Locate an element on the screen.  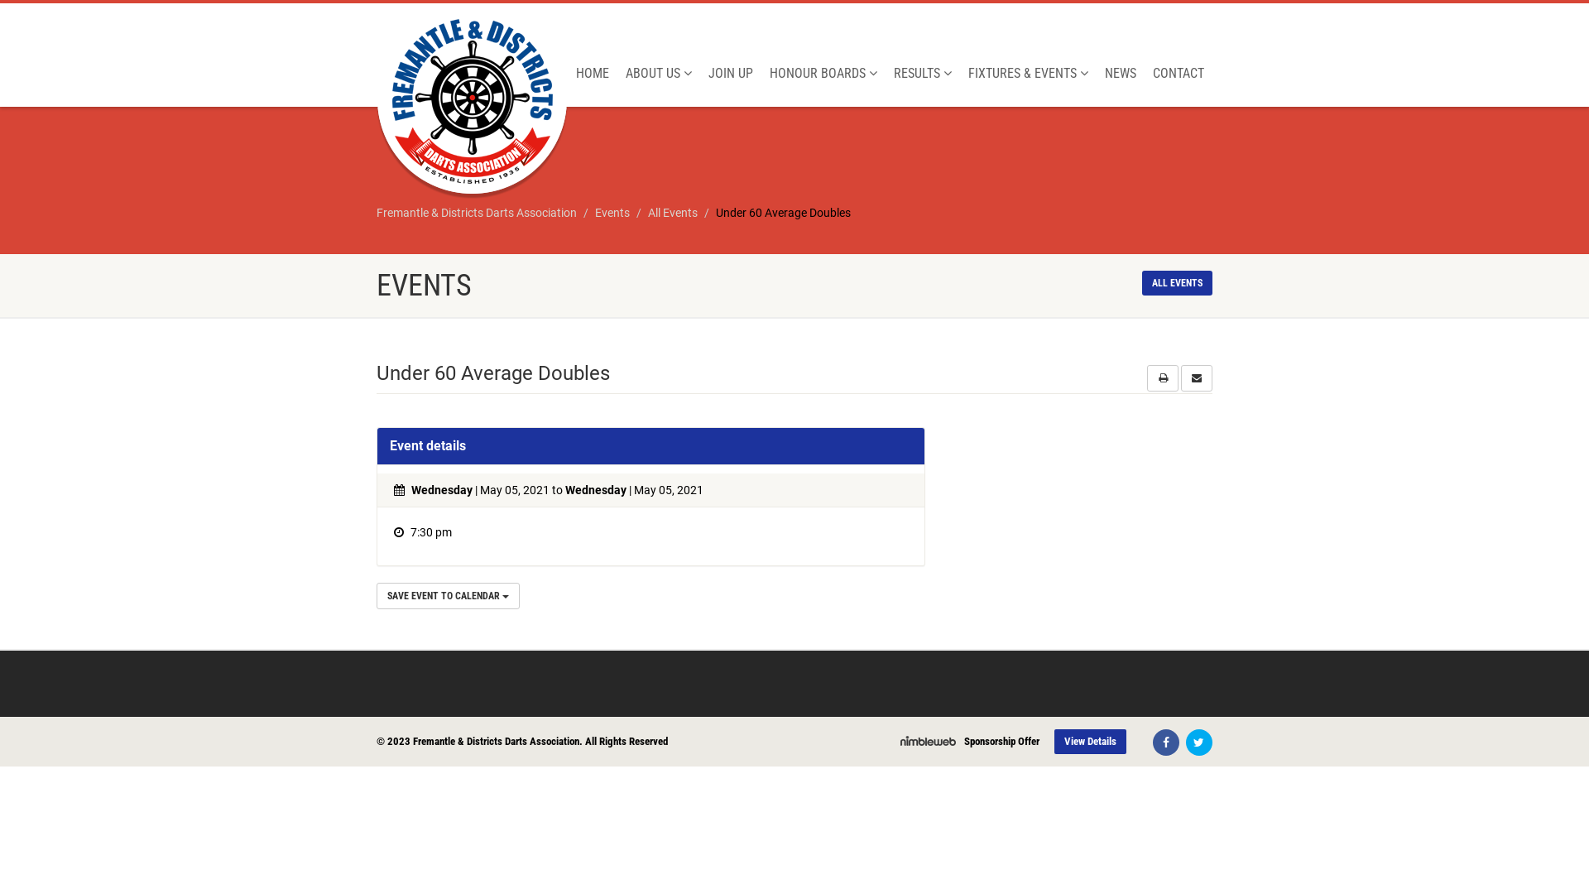
'Logo' is located at coordinates (471, 101).